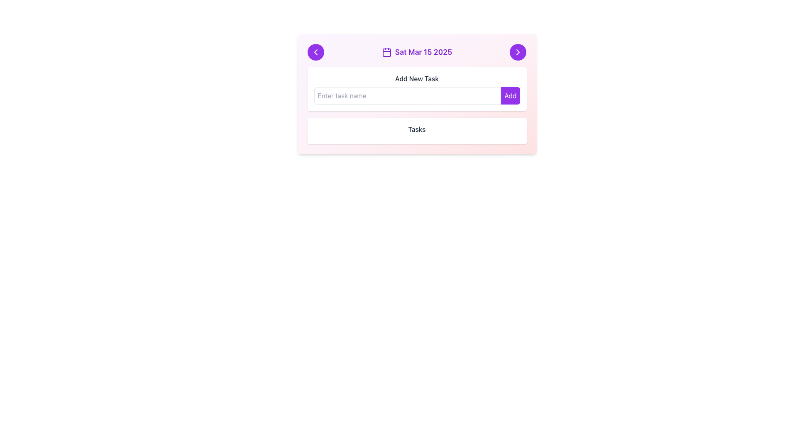  What do you see at coordinates (386, 52) in the screenshot?
I see `the calendar icon, which is a purple square outline with month indication lines at the top, located to the left of the text 'Sat Mar 15 2025' in the header section of the card component` at bounding box center [386, 52].